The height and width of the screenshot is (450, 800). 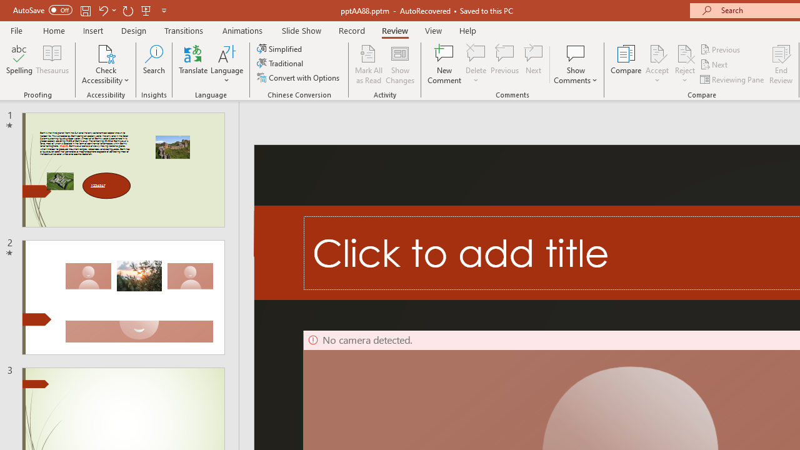 I want to click on 'Reject', so click(x=684, y=64).